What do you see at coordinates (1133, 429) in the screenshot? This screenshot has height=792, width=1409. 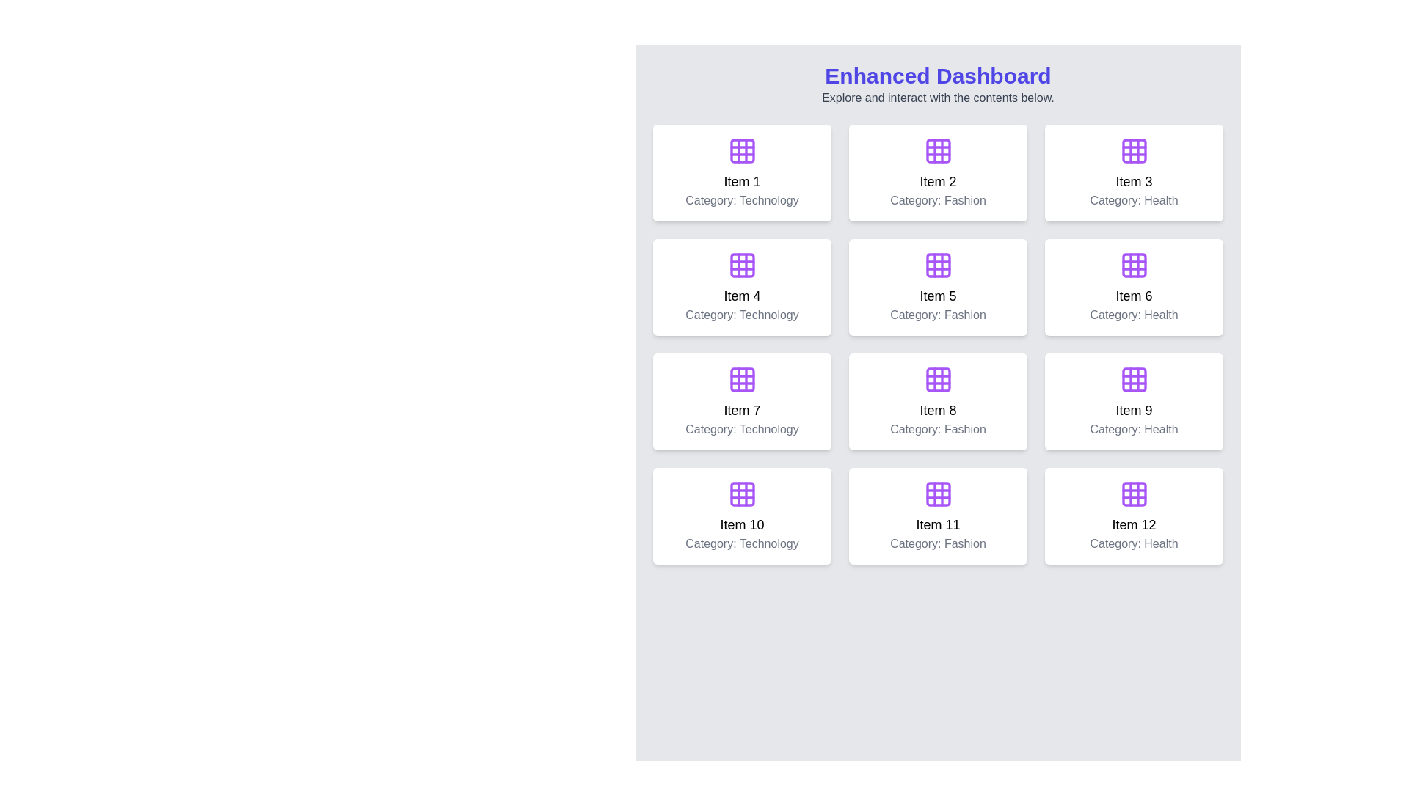 I see `the non-interactive text label displaying the category information 'Health' for Item 9, which is centrally aligned below the title 'Item 9'` at bounding box center [1133, 429].